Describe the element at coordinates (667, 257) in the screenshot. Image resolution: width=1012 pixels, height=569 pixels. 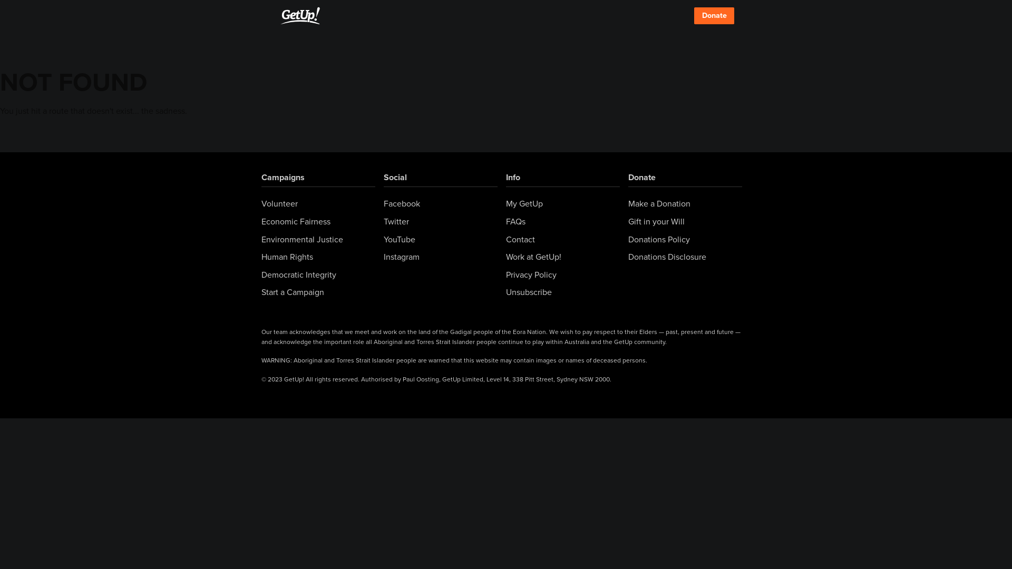
I see `'Donations Disclosure'` at that location.